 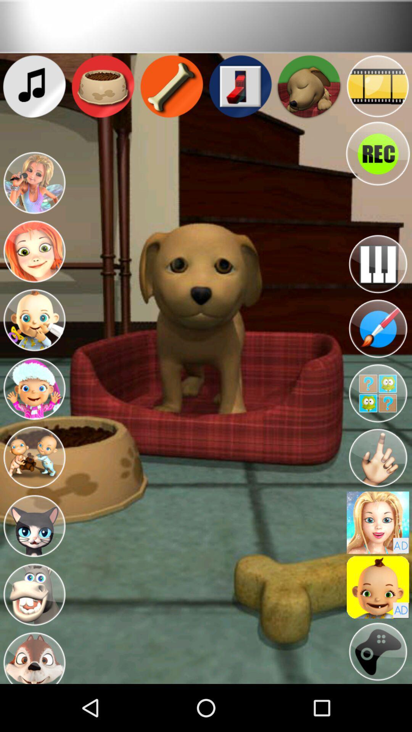 I want to click on change the character, so click(x=34, y=594).